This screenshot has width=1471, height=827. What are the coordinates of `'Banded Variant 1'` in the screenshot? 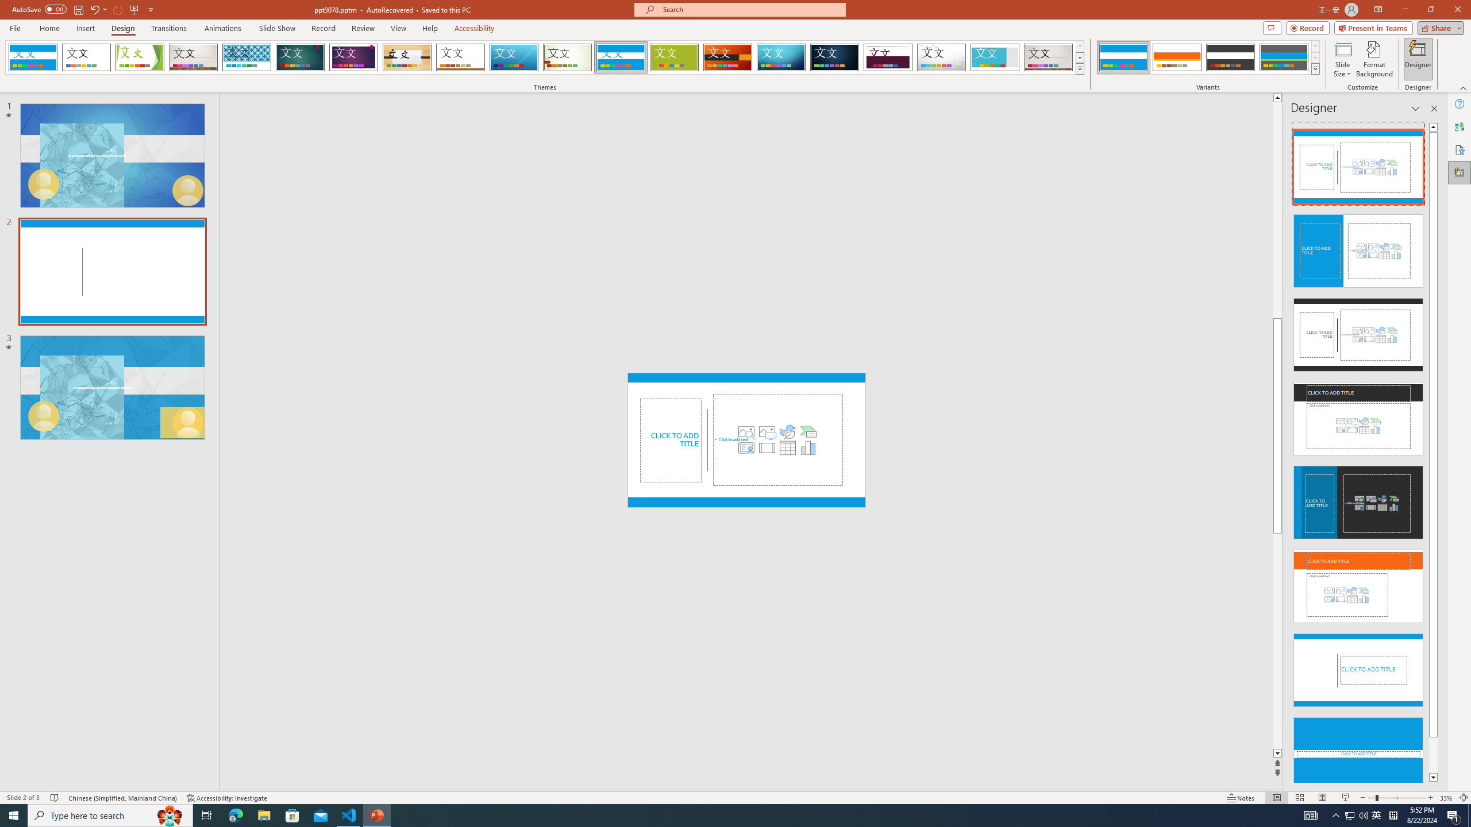 It's located at (1123, 57).